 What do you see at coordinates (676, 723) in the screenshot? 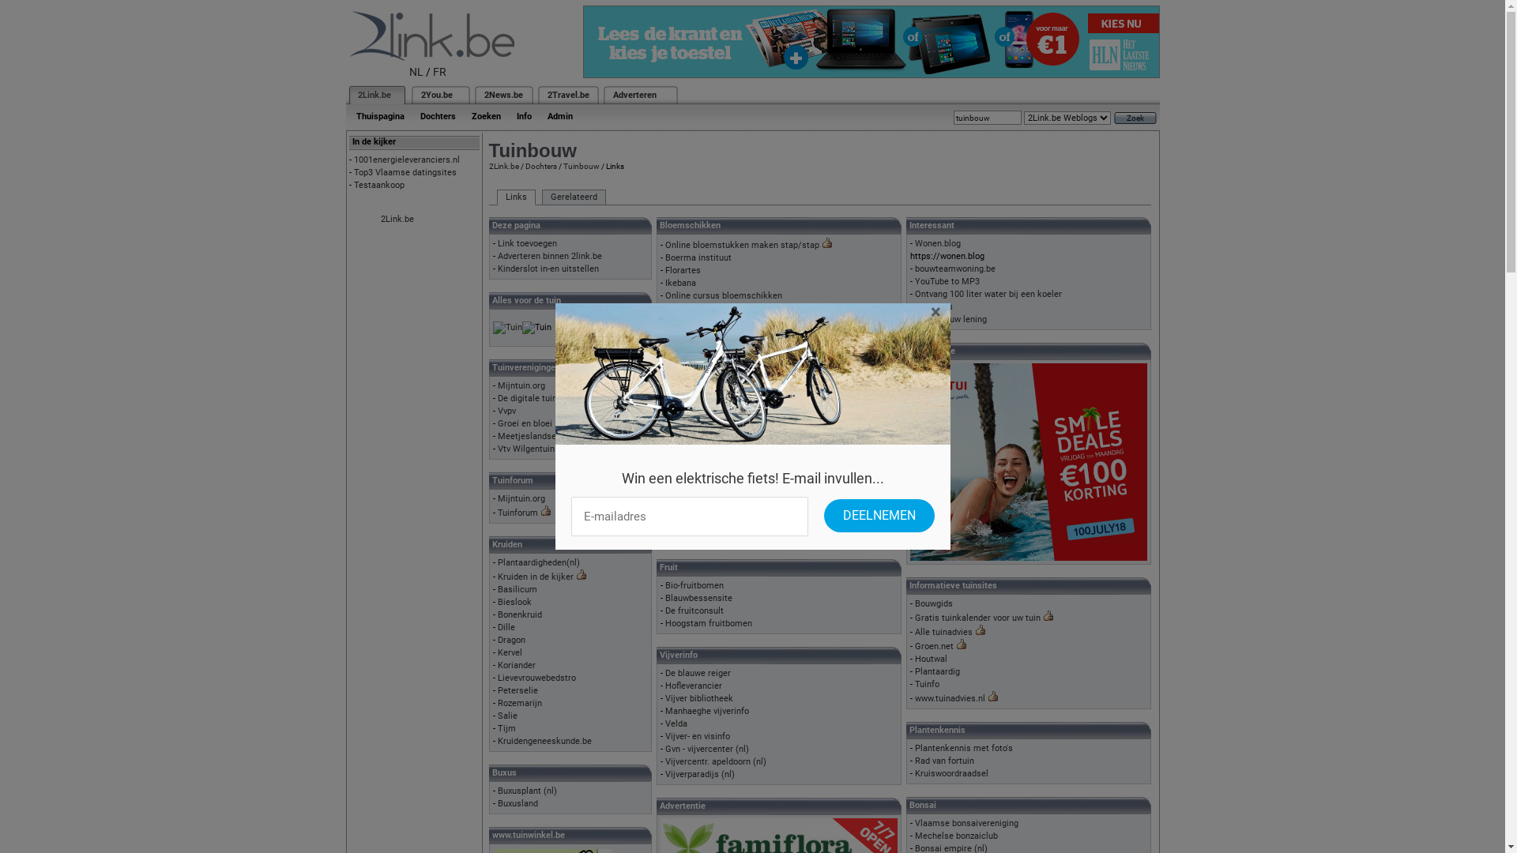
I see `'Velda'` at bounding box center [676, 723].